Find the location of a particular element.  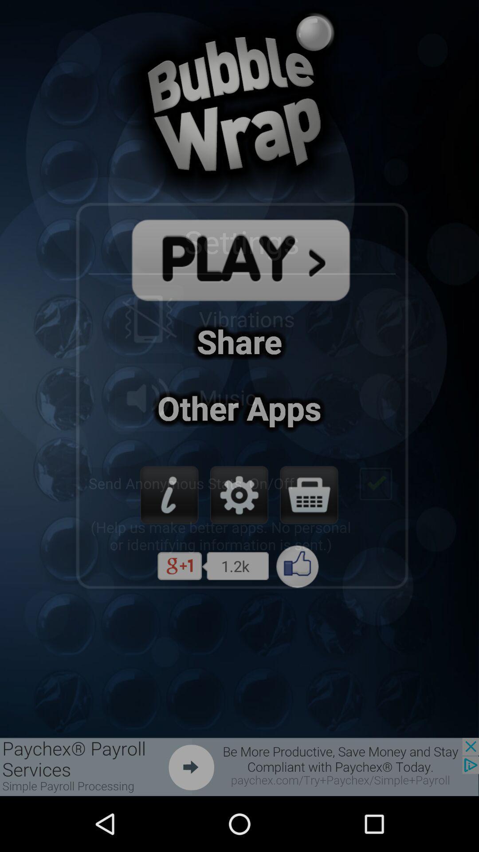

the shop icon is located at coordinates (309, 530).